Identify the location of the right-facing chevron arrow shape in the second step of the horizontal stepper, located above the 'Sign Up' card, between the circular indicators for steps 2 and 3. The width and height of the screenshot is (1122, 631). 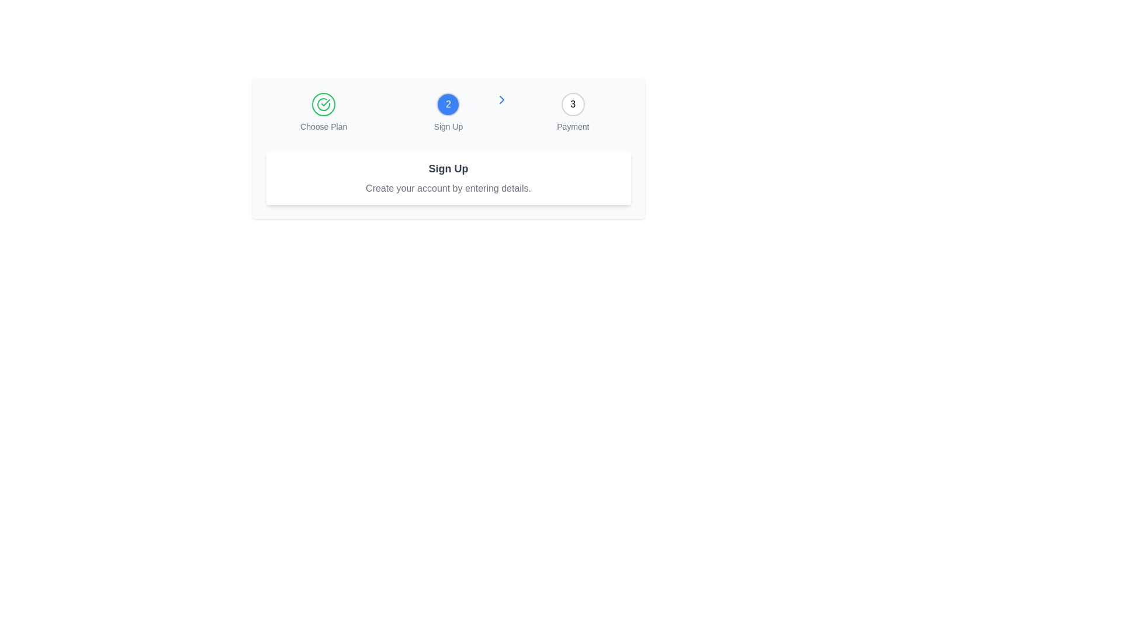
(502, 99).